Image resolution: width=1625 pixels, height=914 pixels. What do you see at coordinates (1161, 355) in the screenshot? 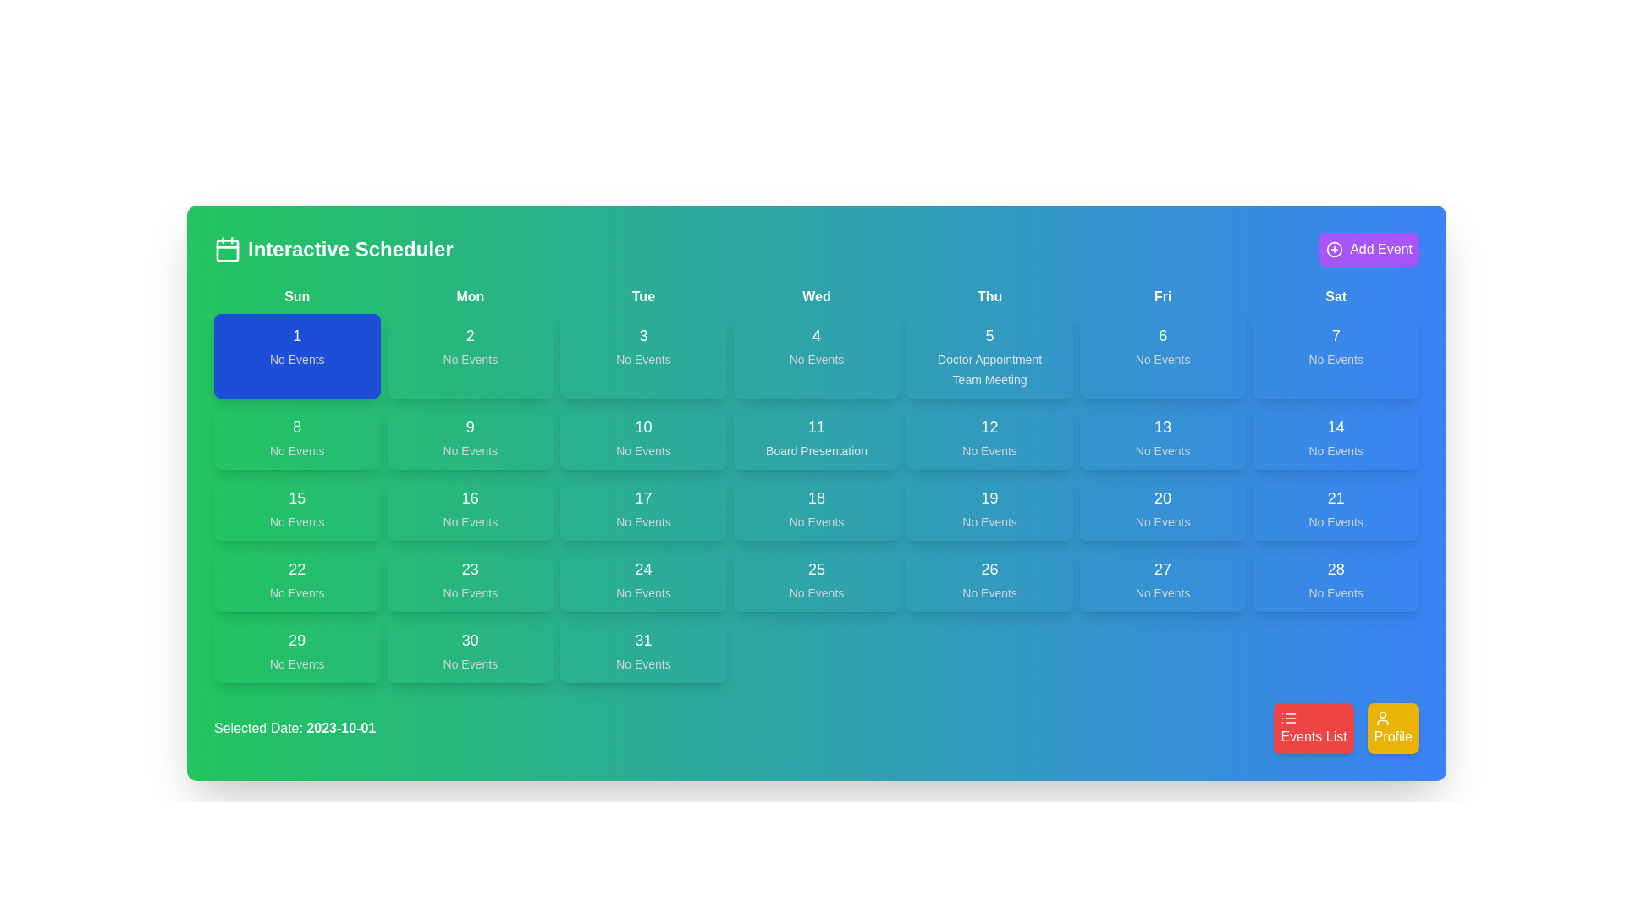
I see `the calendar date box indicating the 6th day (Friday)` at bounding box center [1161, 355].